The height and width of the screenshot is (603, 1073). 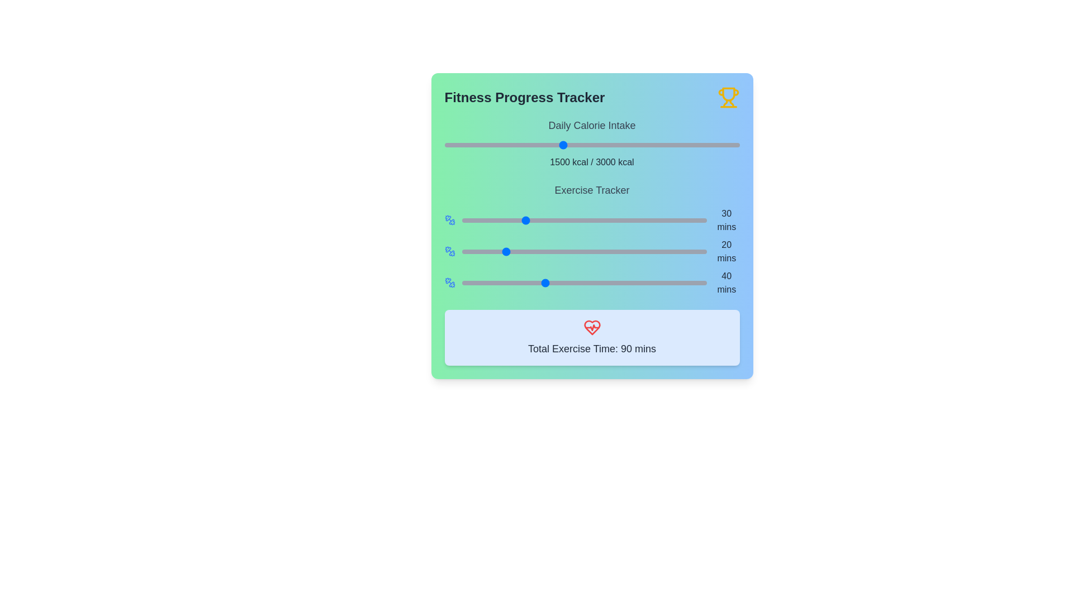 I want to click on the exercise duration slider, so click(x=485, y=252).